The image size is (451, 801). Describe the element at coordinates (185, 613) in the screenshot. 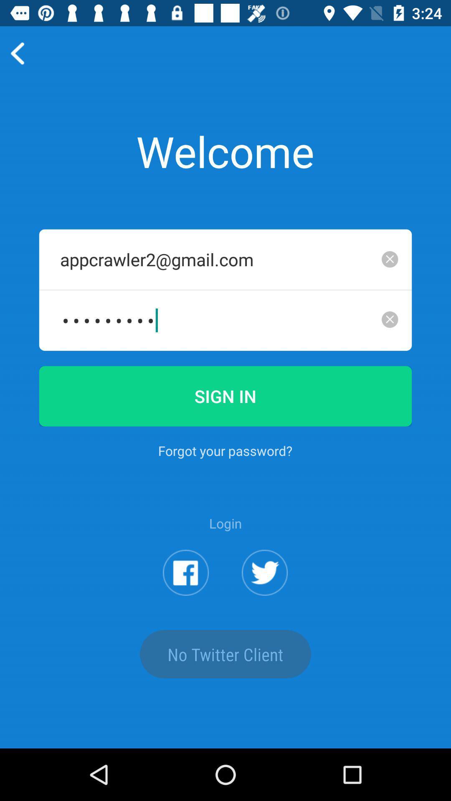

I see `the facebook icon` at that location.